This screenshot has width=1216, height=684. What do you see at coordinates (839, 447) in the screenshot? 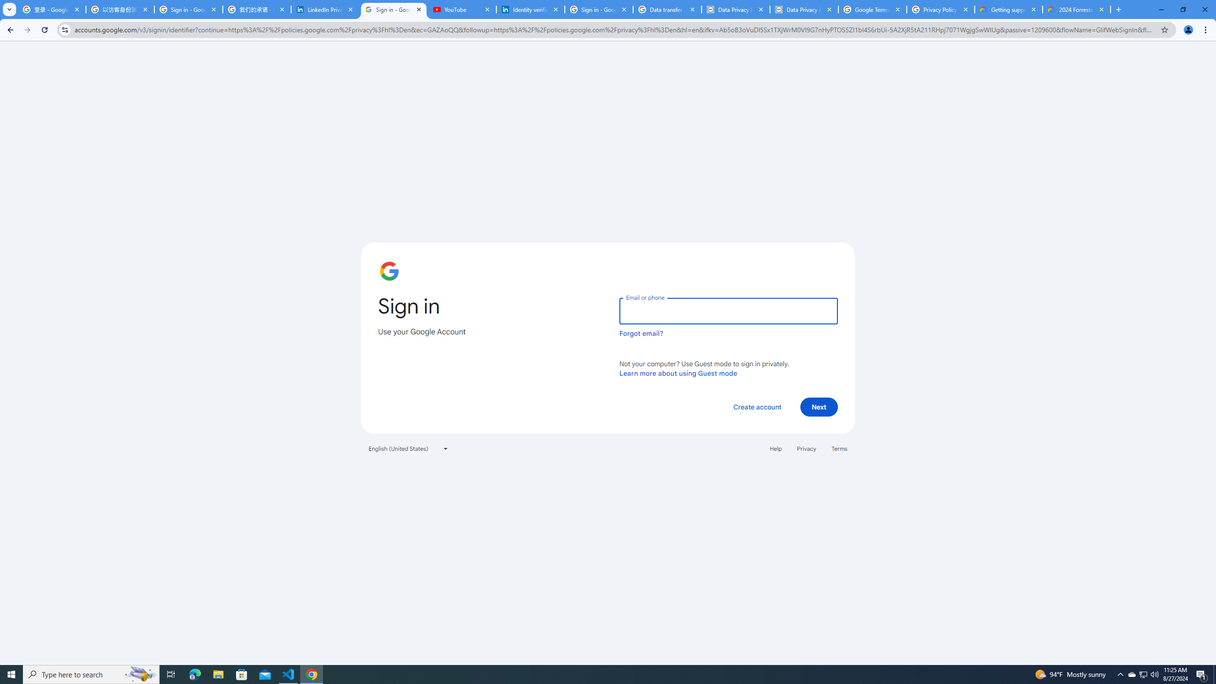
I see `'Terms'` at bounding box center [839, 447].